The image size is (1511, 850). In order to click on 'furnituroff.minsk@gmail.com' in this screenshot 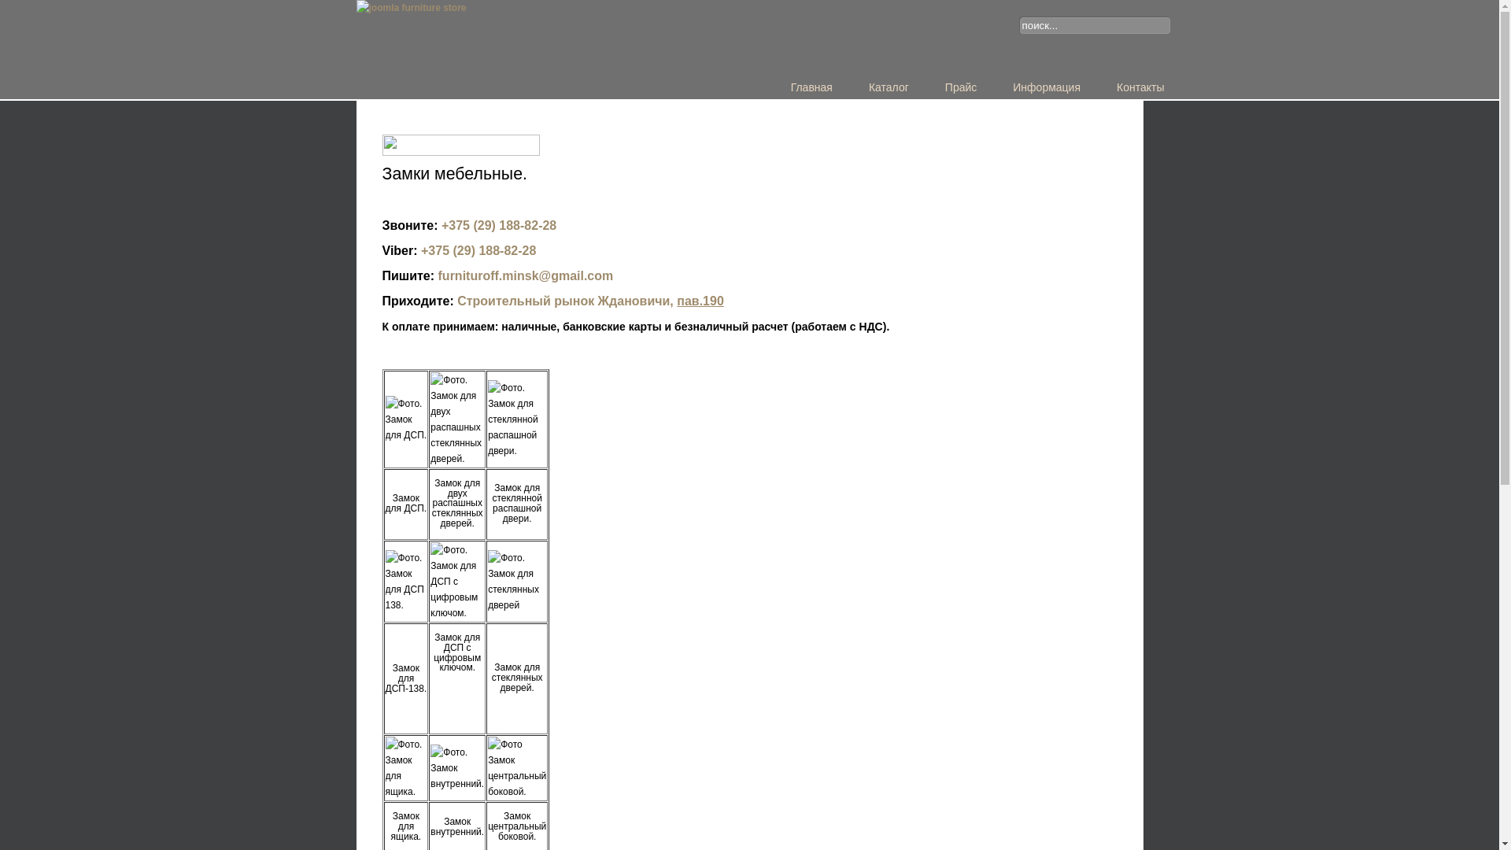, I will do `click(526, 275)`.